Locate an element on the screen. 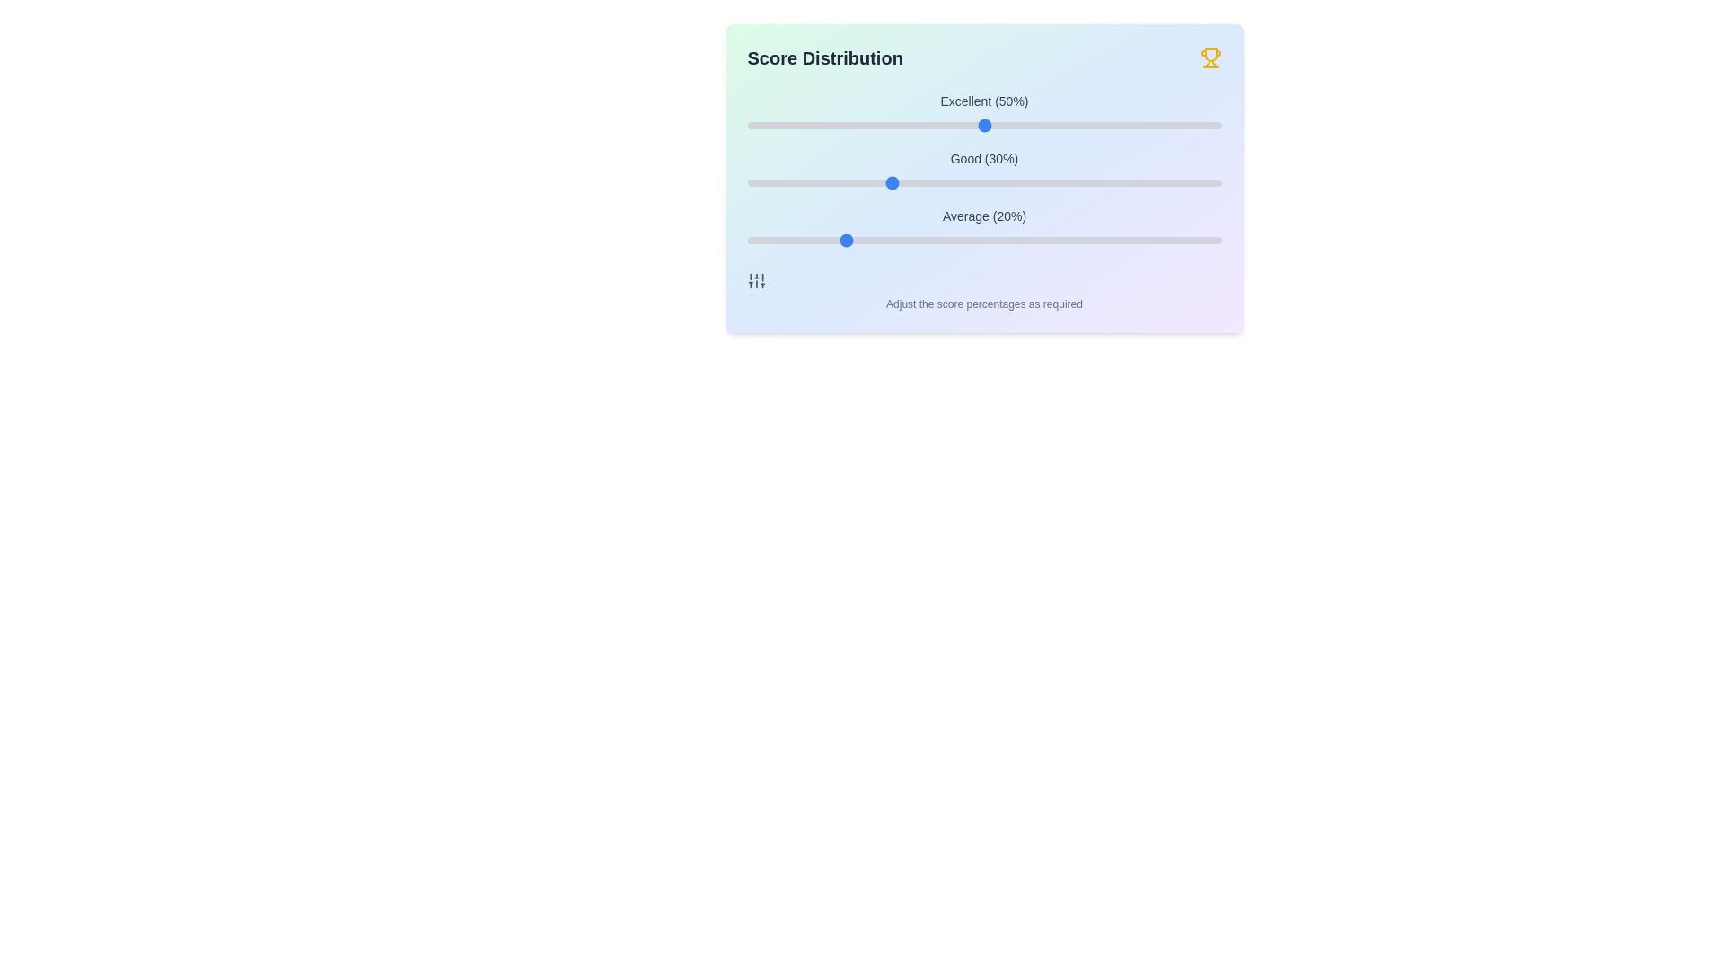 The image size is (1724, 970). the slider for the 'Good' category to 77% is located at coordinates (1111, 183).